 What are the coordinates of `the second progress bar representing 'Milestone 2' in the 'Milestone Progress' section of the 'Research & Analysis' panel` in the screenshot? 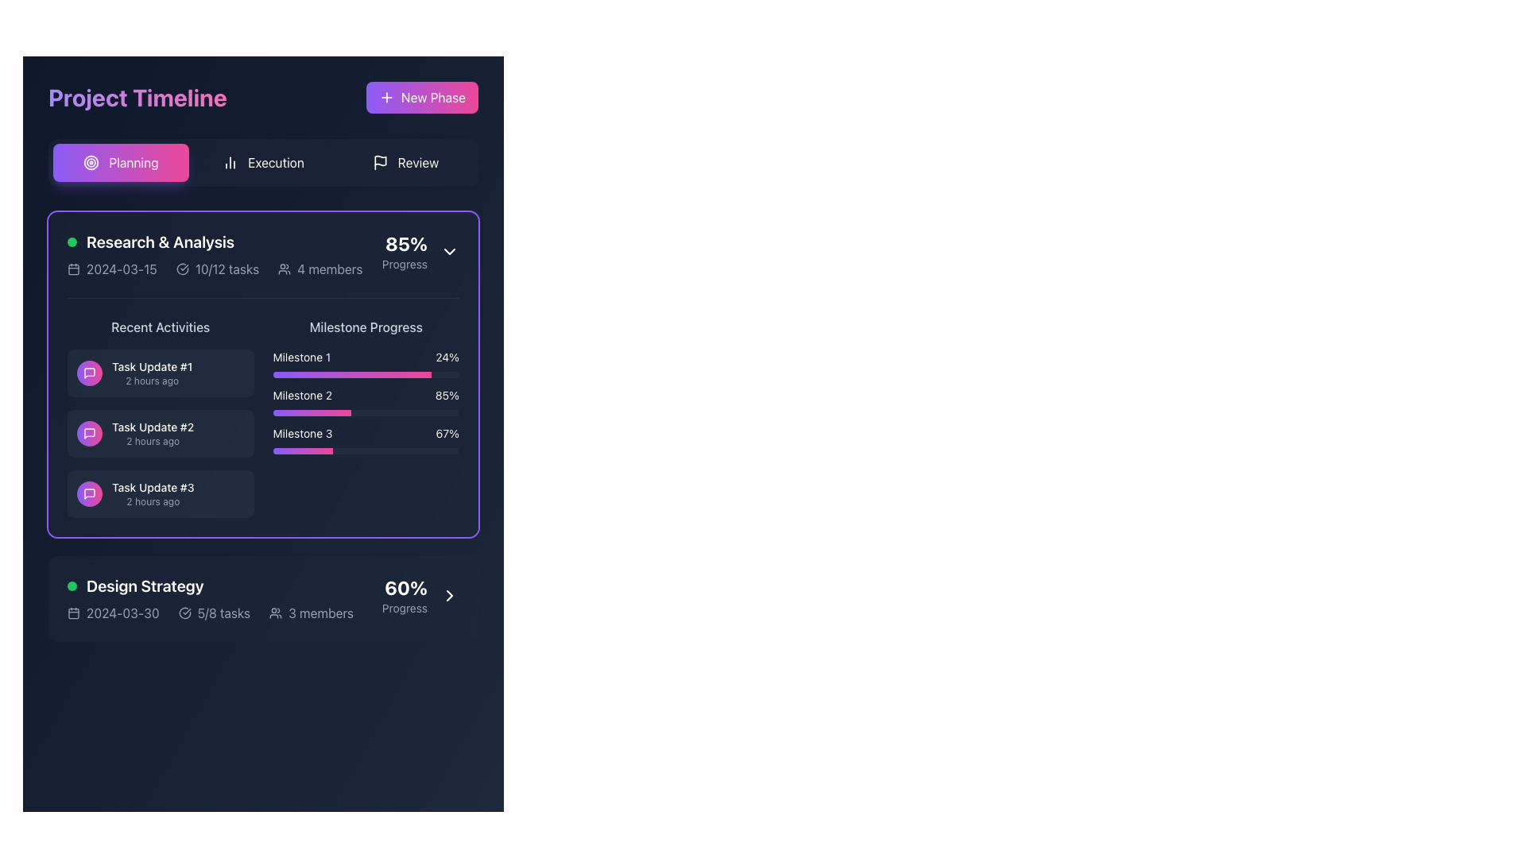 It's located at (365, 374).